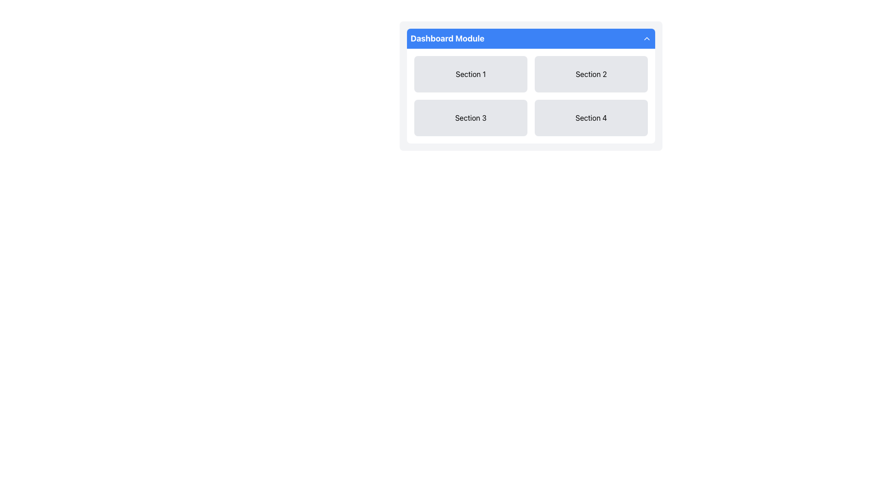  I want to click on the 'Section 3' button, so click(471, 117).